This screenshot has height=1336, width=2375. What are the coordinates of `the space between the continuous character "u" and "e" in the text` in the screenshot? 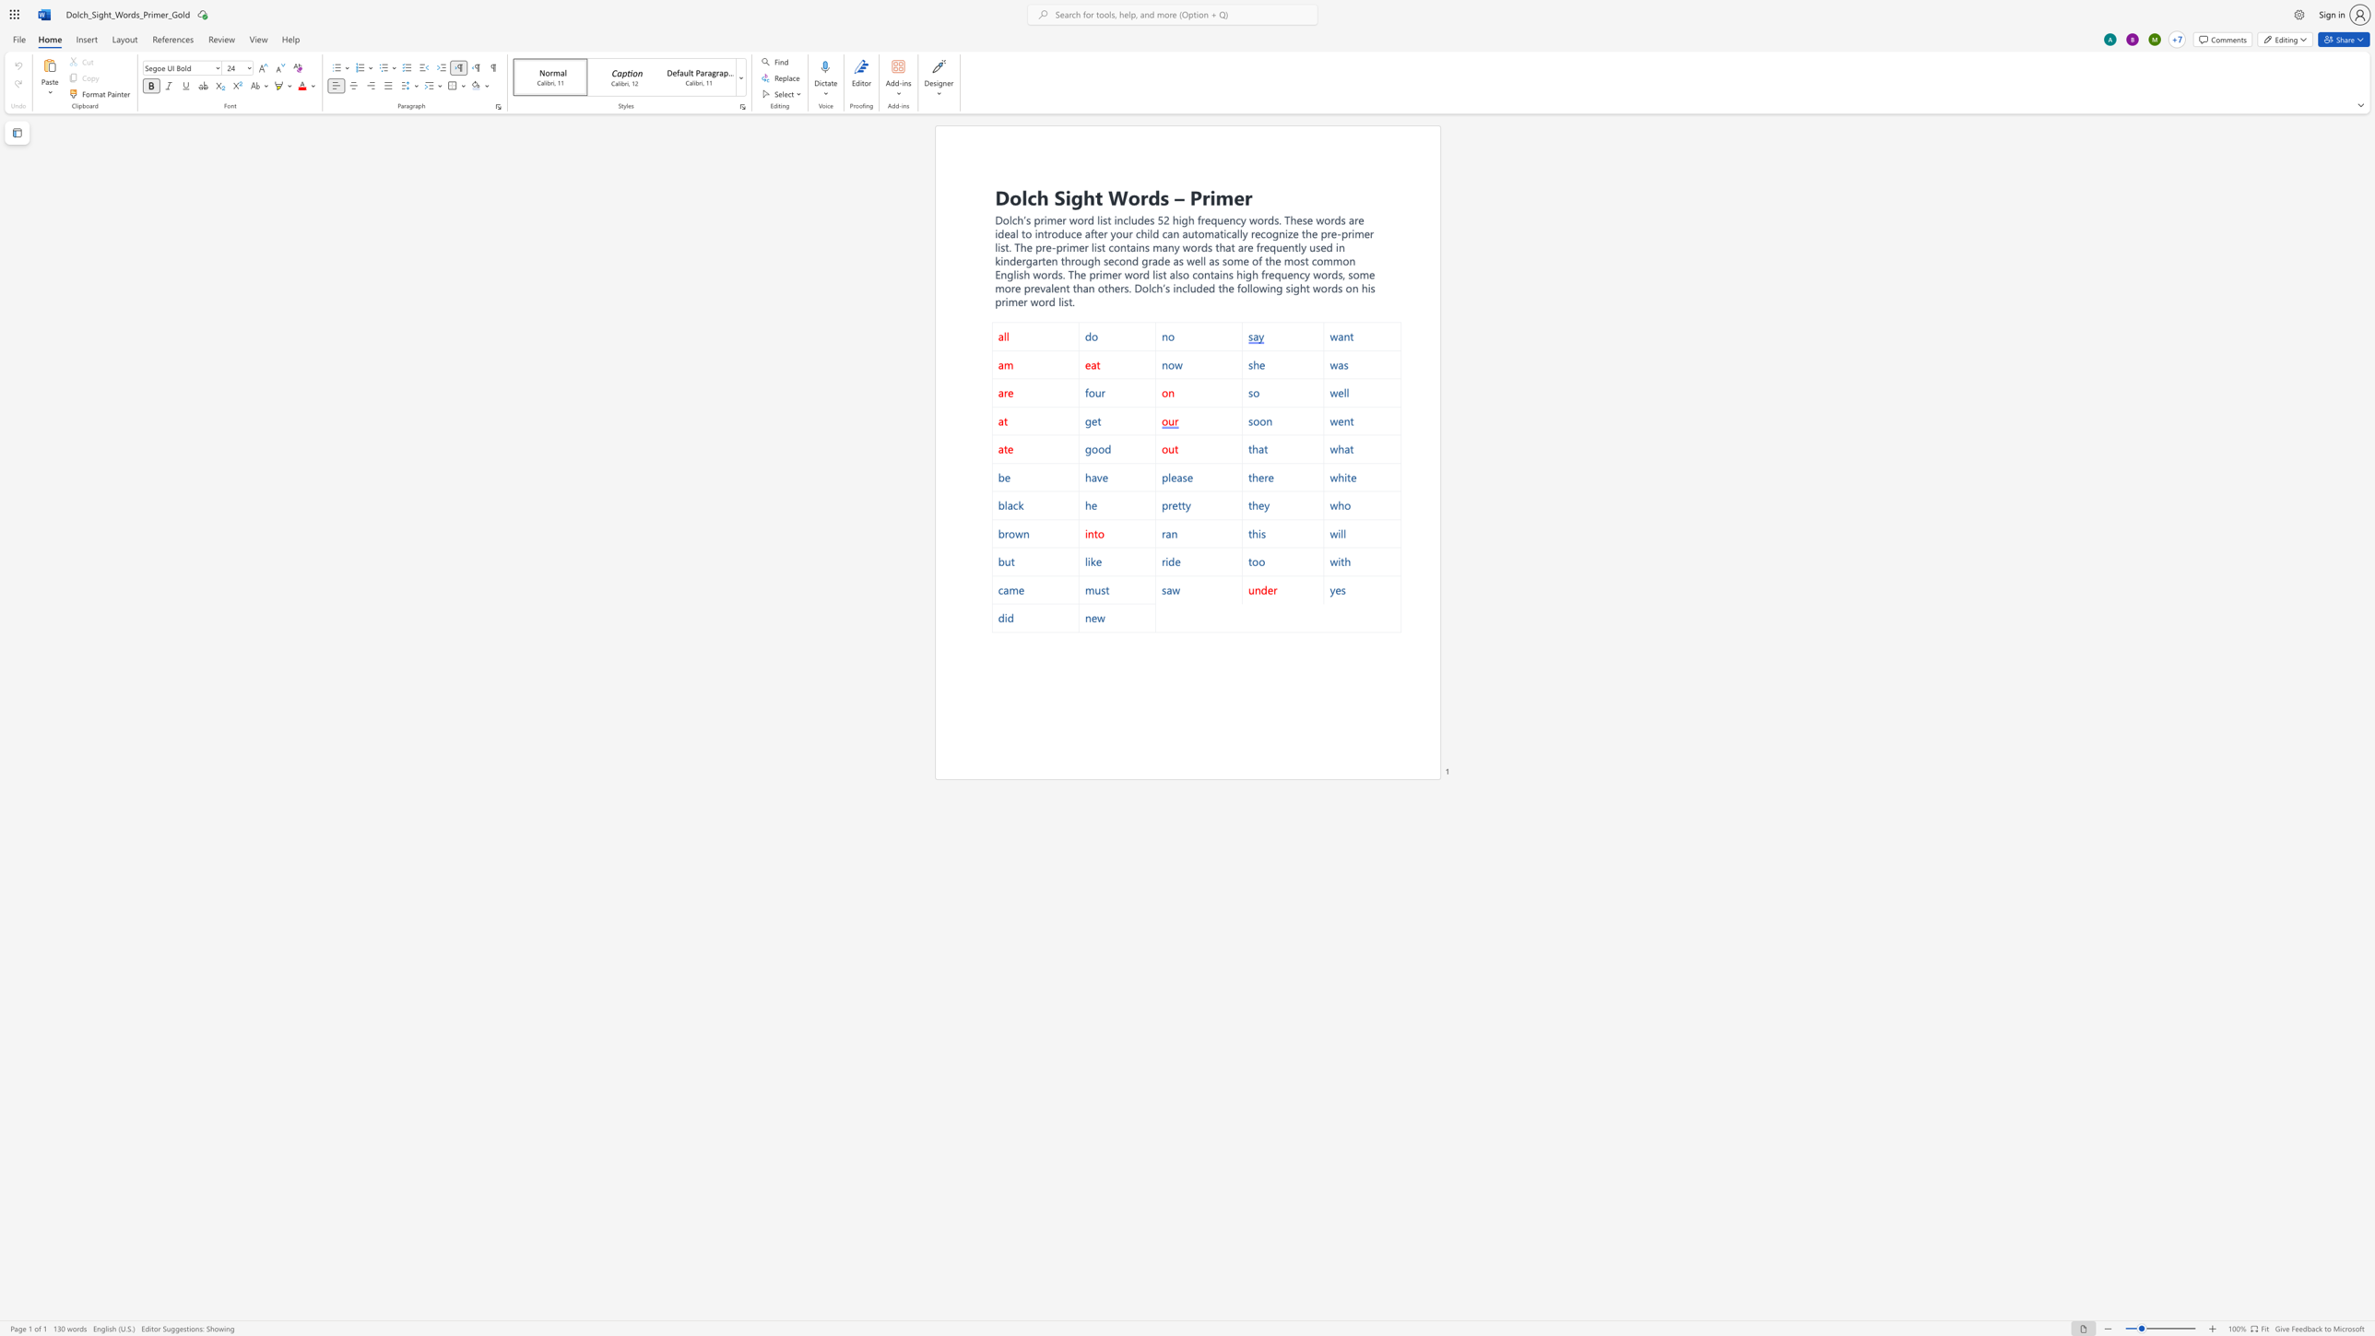 It's located at (1281, 247).